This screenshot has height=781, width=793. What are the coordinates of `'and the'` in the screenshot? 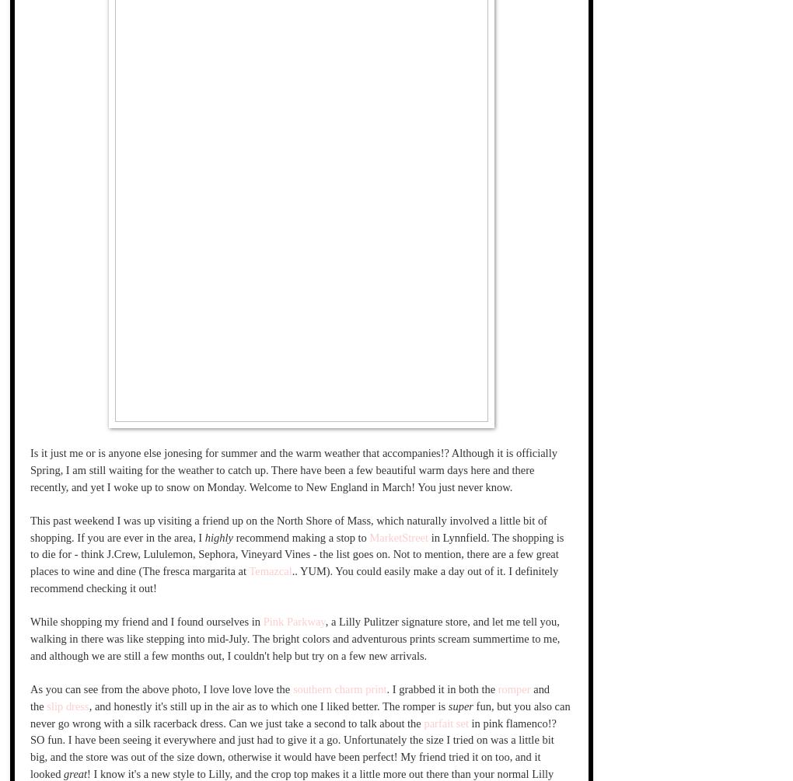 It's located at (29, 696).